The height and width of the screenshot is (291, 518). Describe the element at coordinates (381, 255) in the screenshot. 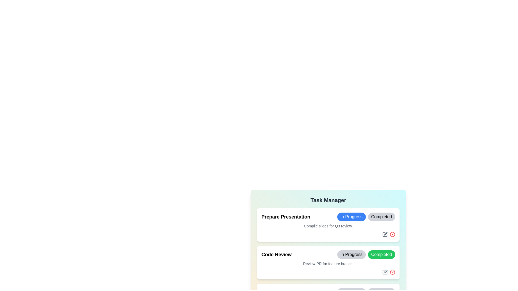

I see `'Completed' button for the task with title Code Review` at that location.